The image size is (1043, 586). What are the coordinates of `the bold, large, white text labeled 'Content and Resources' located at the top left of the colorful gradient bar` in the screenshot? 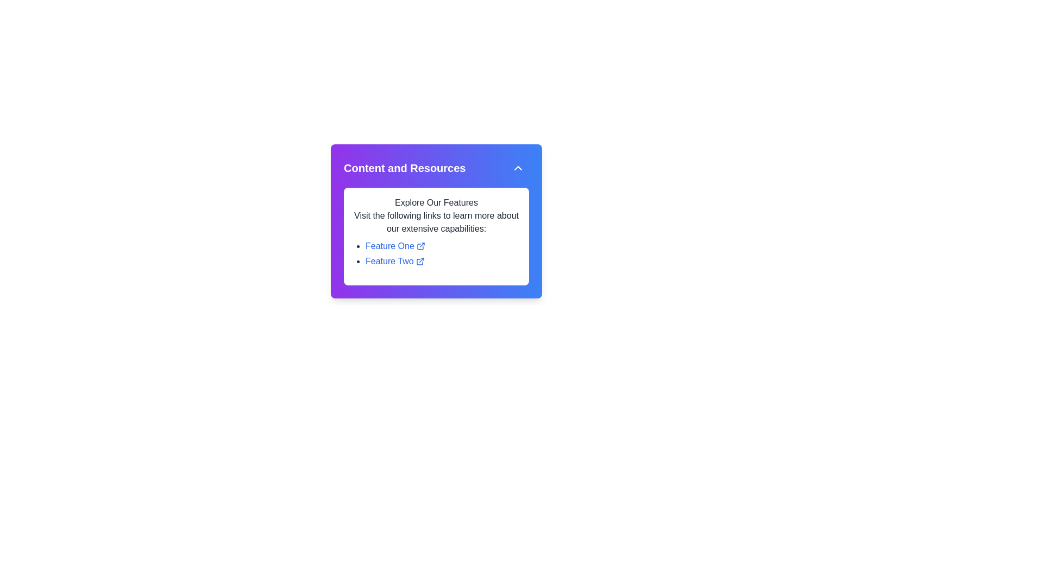 It's located at (404, 168).